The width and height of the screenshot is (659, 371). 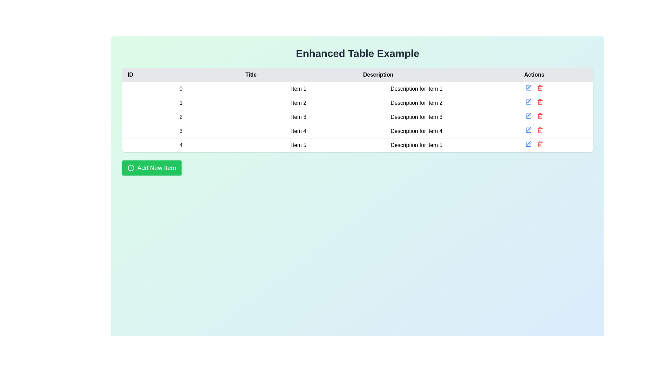 What do you see at coordinates (528, 130) in the screenshot?
I see `the blue edit icon button in the Actions column of the fourth row of the table to change its color` at bounding box center [528, 130].